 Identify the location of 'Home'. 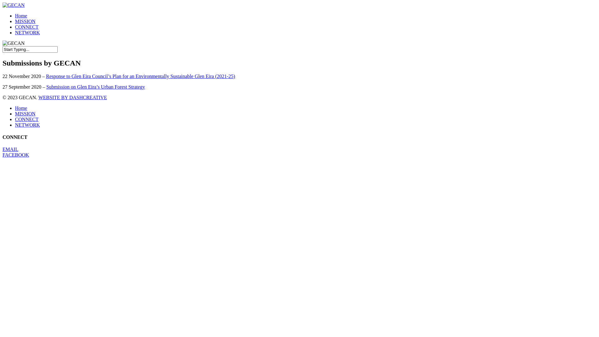
(15, 15).